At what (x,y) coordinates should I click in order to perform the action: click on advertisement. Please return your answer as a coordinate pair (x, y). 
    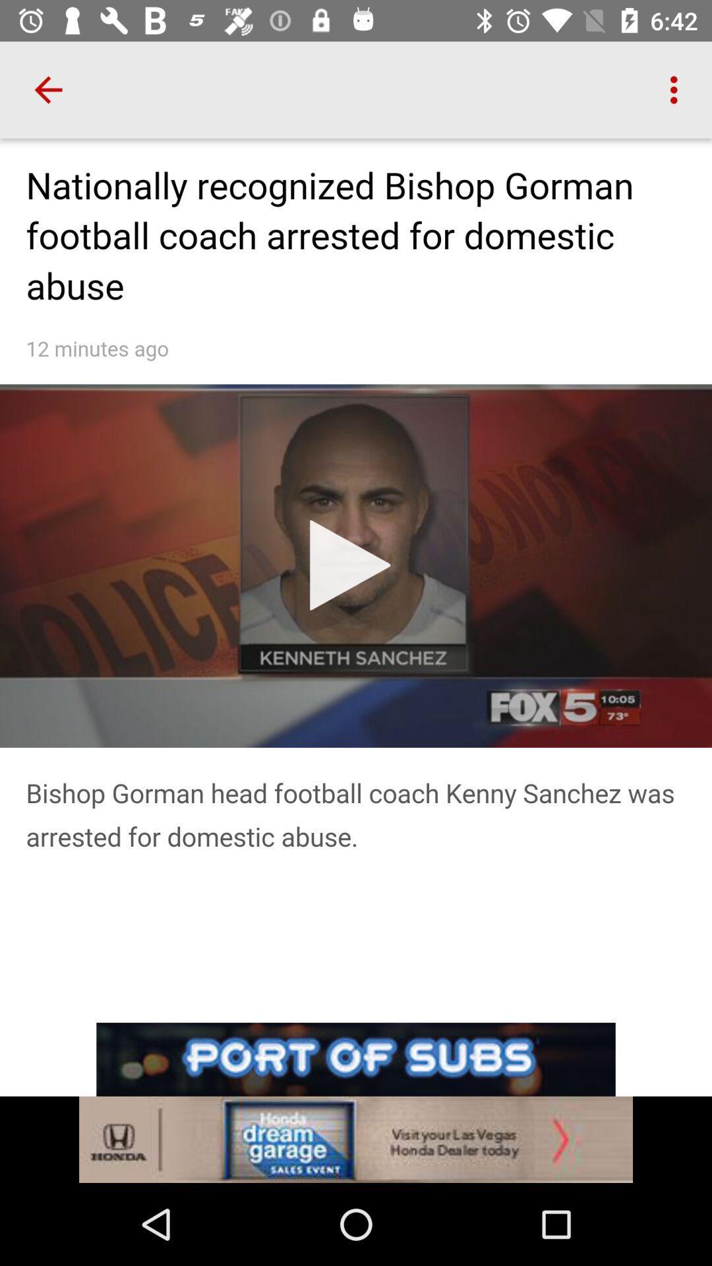
    Looking at the image, I should click on (356, 1102).